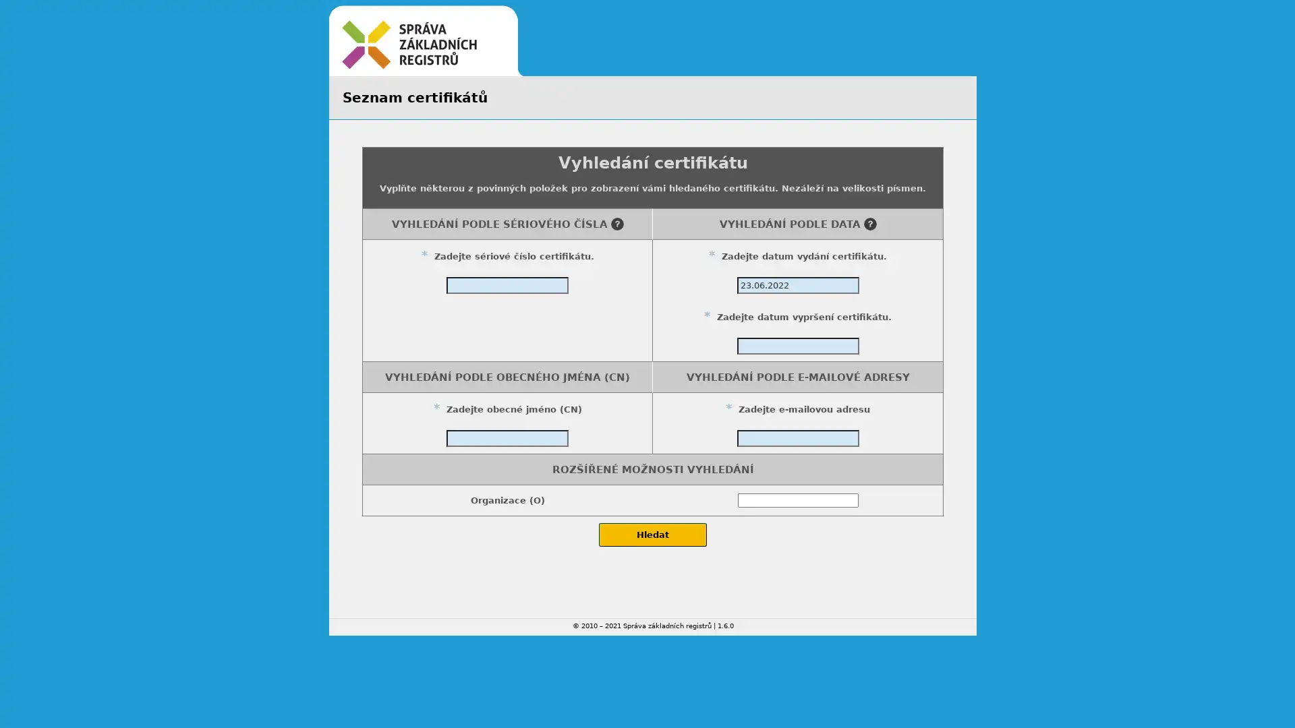 The width and height of the screenshot is (1295, 728). Describe the element at coordinates (616, 223) in the screenshot. I see `Napoveda` at that location.